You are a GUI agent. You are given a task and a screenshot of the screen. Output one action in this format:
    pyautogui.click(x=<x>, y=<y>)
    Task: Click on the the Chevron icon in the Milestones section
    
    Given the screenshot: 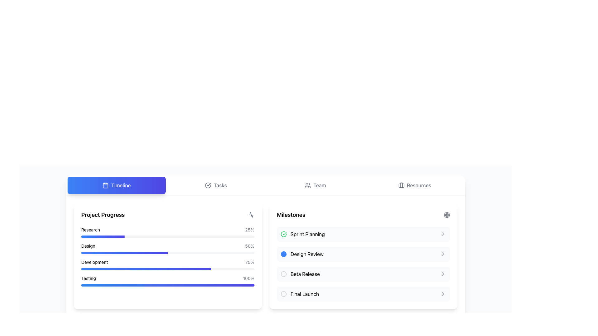 What is the action you would take?
    pyautogui.click(x=443, y=273)
    